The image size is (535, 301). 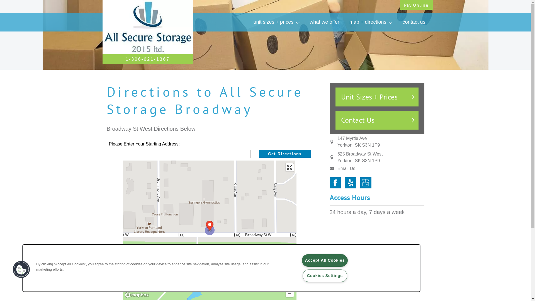 What do you see at coordinates (148, 59) in the screenshot?
I see `'1-306-621-1367'` at bounding box center [148, 59].